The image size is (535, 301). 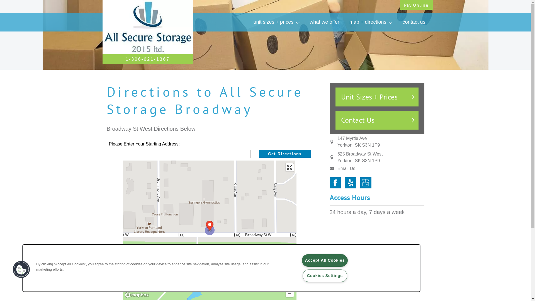 What do you see at coordinates (148, 59) in the screenshot?
I see `'1-306-621-1367'` at bounding box center [148, 59].